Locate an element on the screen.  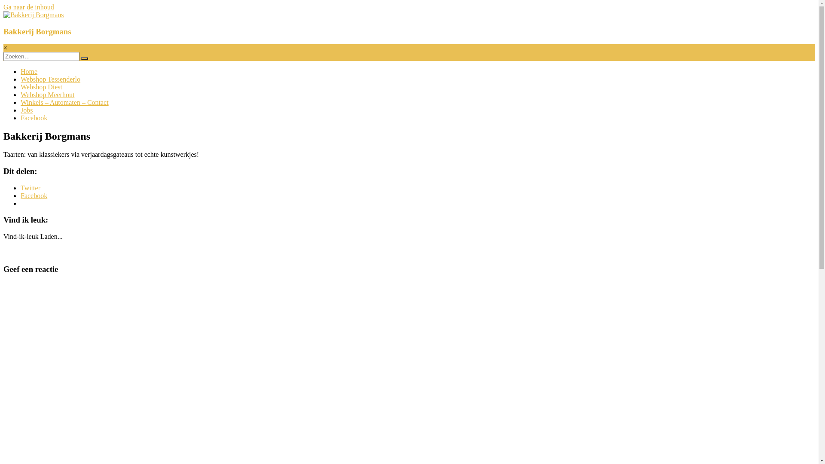
'Webshop Diest' is located at coordinates (21, 87).